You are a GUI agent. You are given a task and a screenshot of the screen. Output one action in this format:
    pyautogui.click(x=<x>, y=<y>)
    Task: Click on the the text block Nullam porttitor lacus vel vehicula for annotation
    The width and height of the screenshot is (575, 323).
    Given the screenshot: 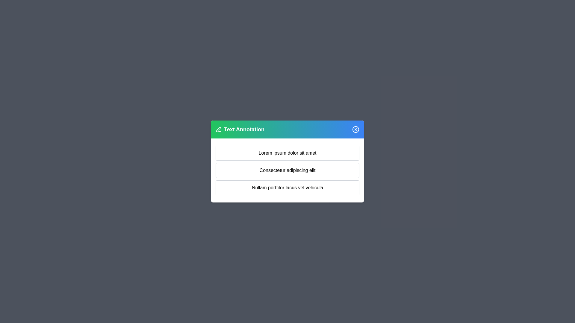 What is the action you would take?
    pyautogui.click(x=287, y=188)
    